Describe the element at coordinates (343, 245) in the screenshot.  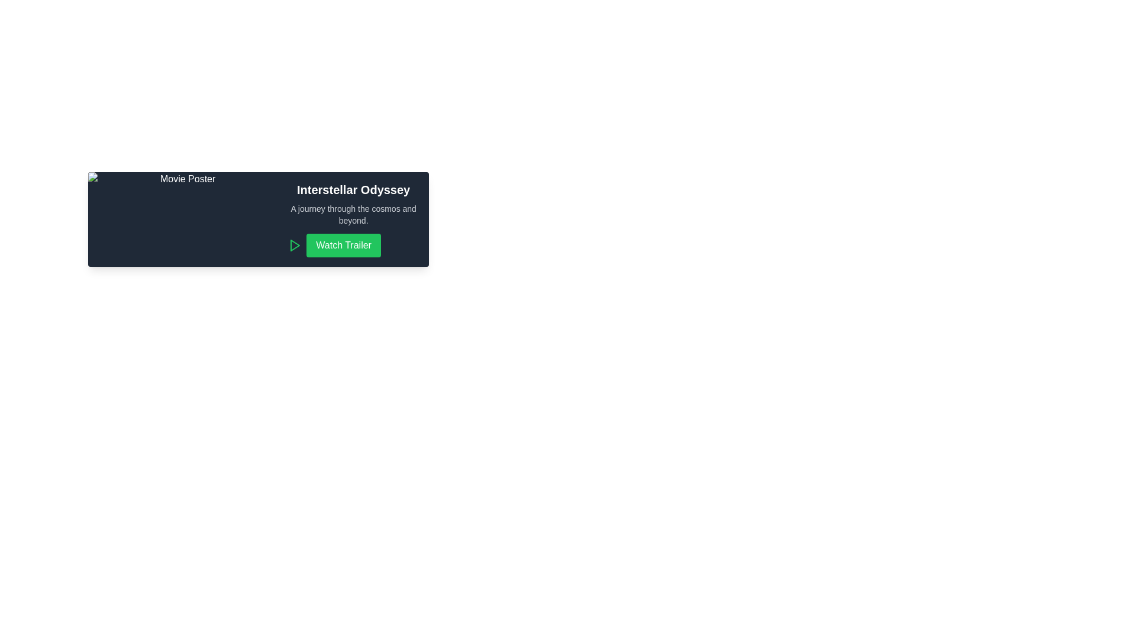
I see `the 'Watch Trailer' button, which is a green rectangular button with rounded corners located at the bottom-right of the card layout, below the text 'Interstellar Odyssey'` at that location.